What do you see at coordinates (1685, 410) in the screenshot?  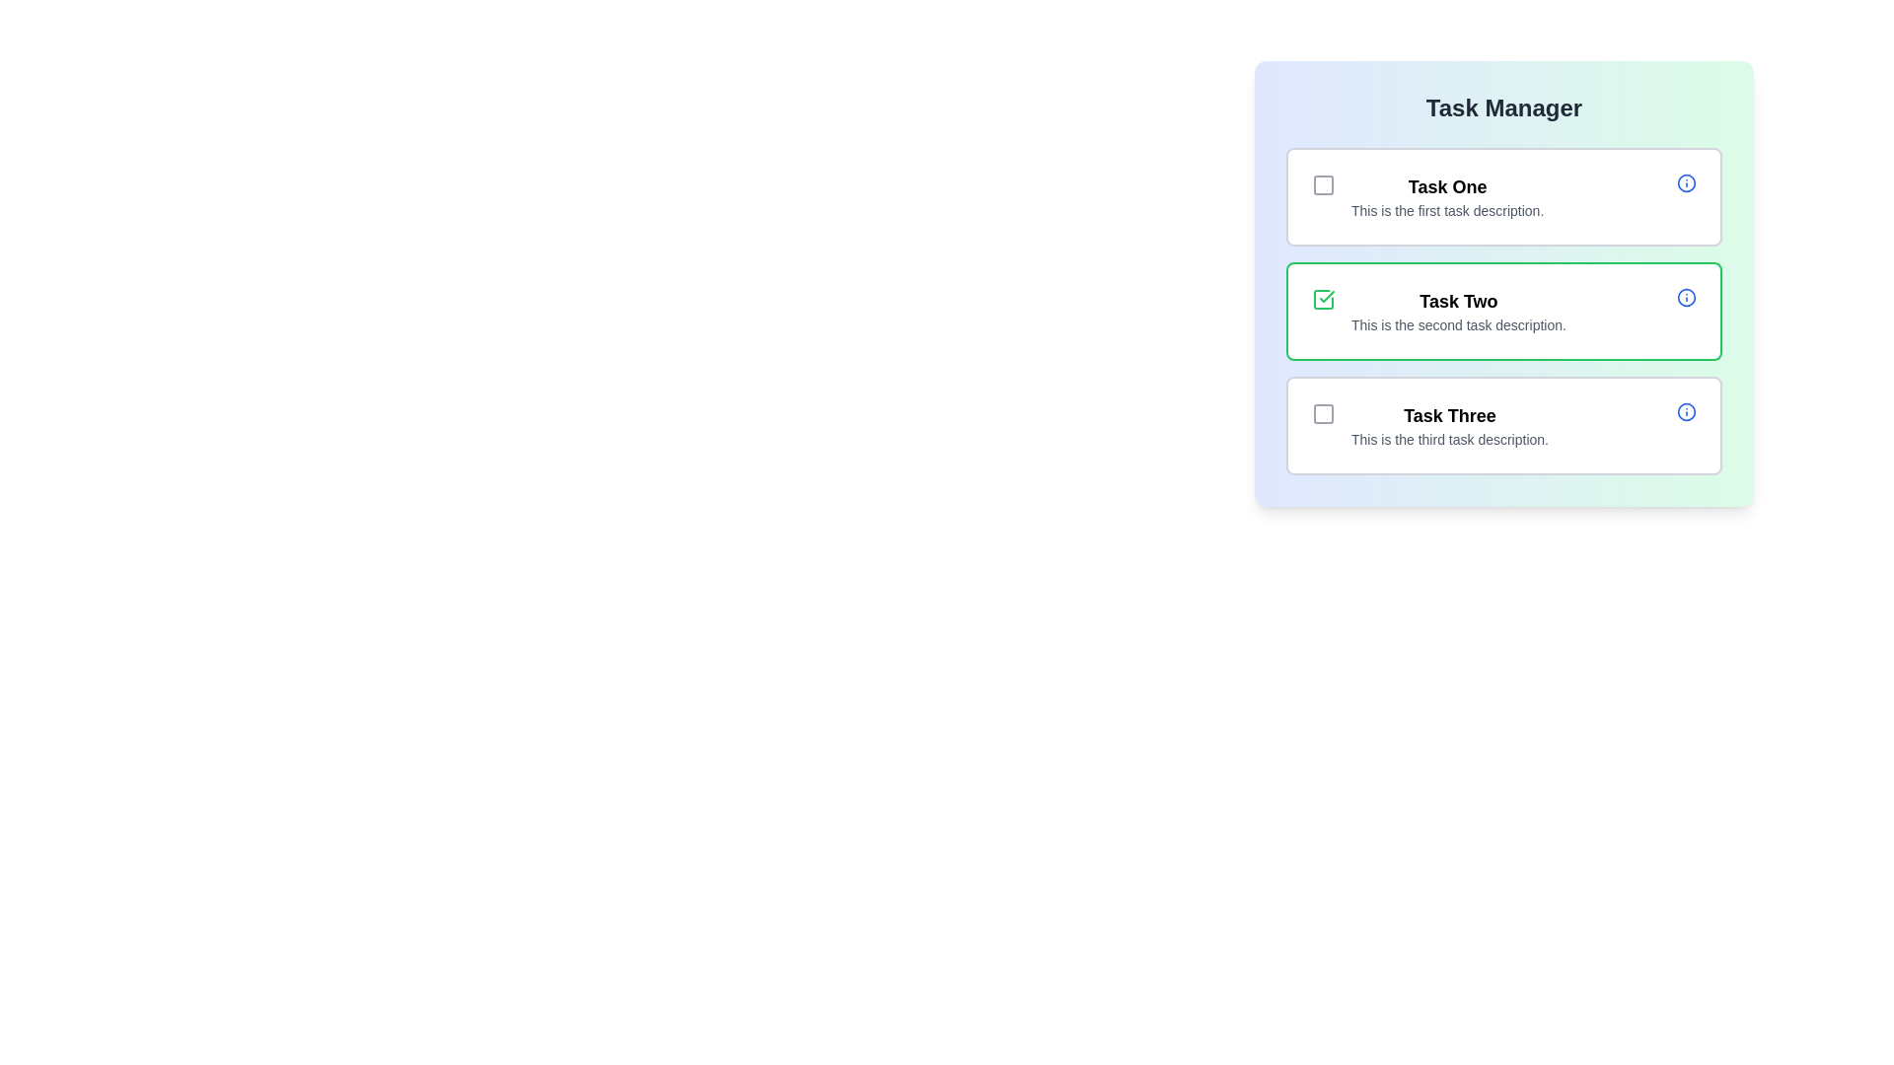 I see `the circular blue information icon with a white 'i' inside, located at the far right edge of the 'Task Three' card` at bounding box center [1685, 410].